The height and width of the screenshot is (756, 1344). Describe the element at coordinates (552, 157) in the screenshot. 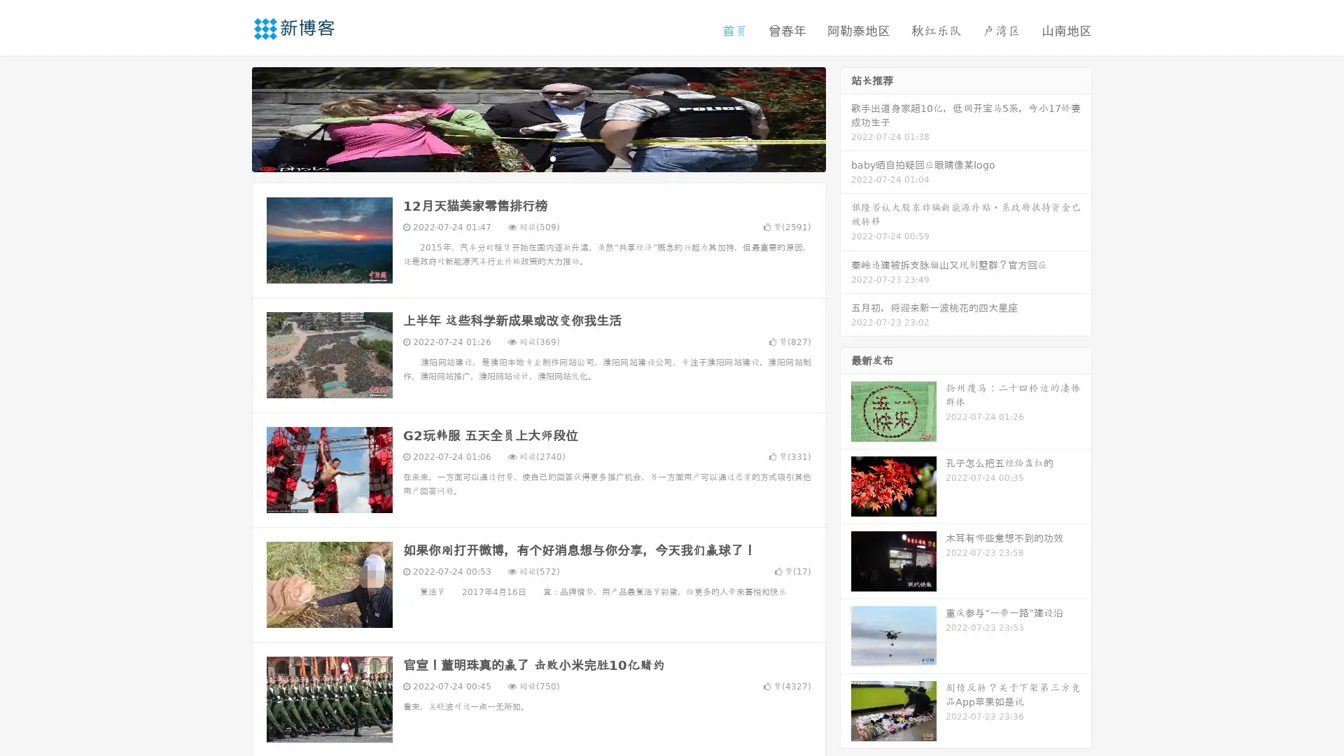

I see `Go to slide 3` at that location.